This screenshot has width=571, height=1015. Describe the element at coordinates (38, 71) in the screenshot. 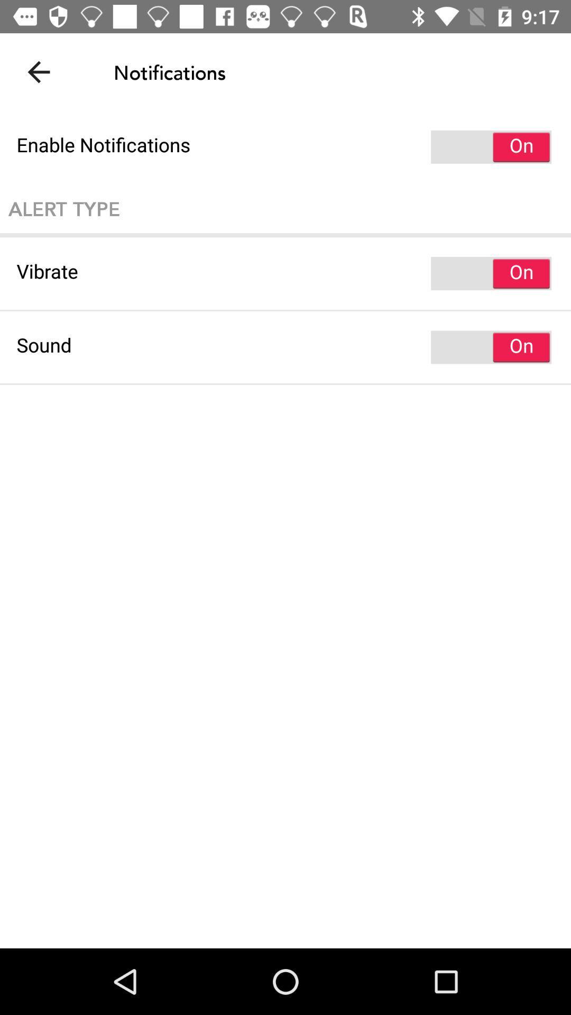

I see `item at the top left corner` at that location.